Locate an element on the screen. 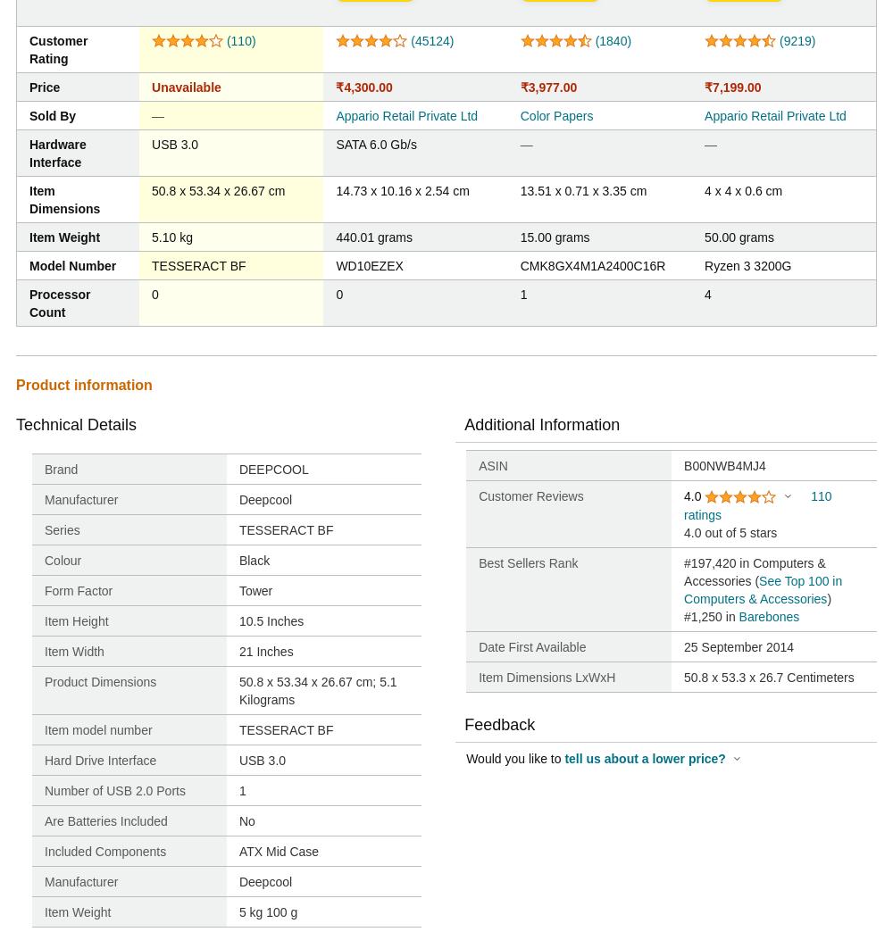 The width and height of the screenshot is (893, 932). '1' is located at coordinates (522, 295).